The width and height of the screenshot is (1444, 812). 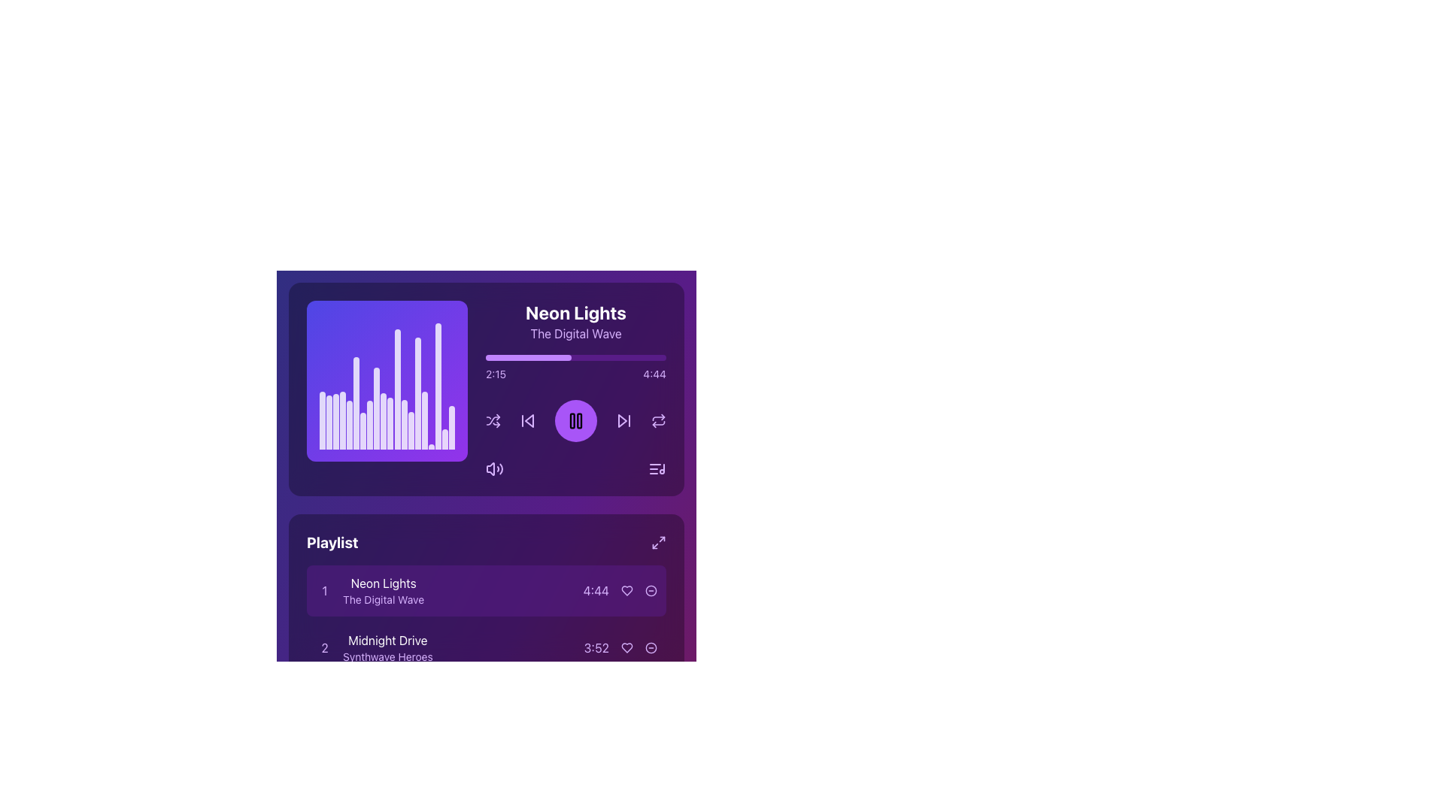 What do you see at coordinates (654, 373) in the screenshot?
I see `the text label displaying the time '4:44' located at the top-right corner of the interface, to the right of the 'Neon Lights' song title and progress bar` at bounding box center [654, 373].